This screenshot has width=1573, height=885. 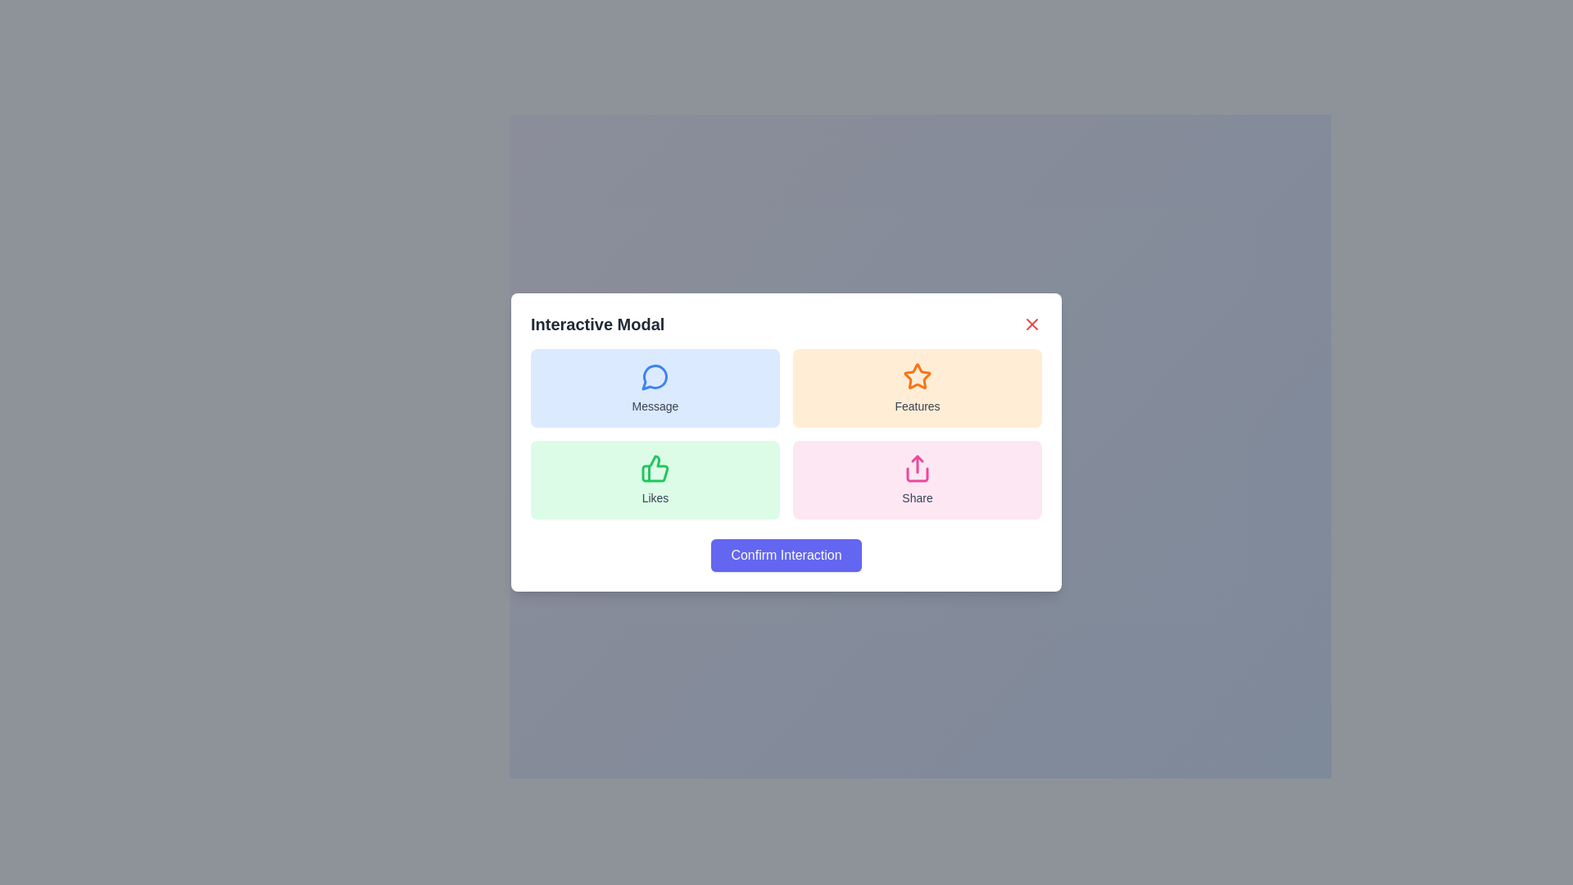 I want to click on the 'Likes' icon located at the center of the 'Likes' section in the interactive modal, positioned in the bottom-left corner of the modal layout, so click(x=655, y=468).